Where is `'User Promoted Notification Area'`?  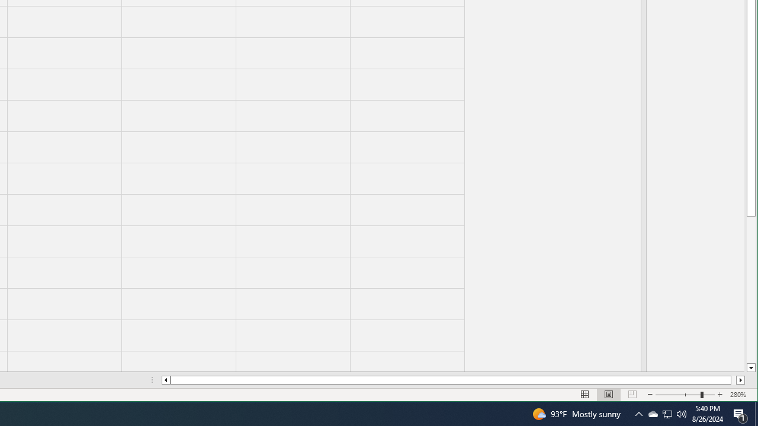
'User Promoted Notification Area' is located at coordinates (667, 413).